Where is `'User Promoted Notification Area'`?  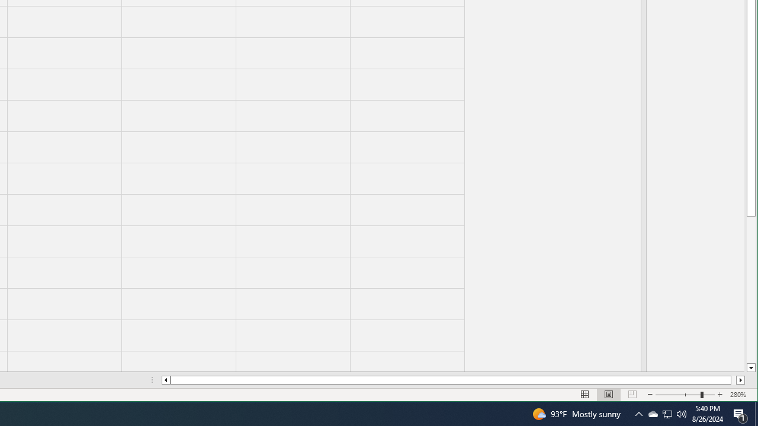
'User Promoted Notification Area' is located at coordinates (667, 413).